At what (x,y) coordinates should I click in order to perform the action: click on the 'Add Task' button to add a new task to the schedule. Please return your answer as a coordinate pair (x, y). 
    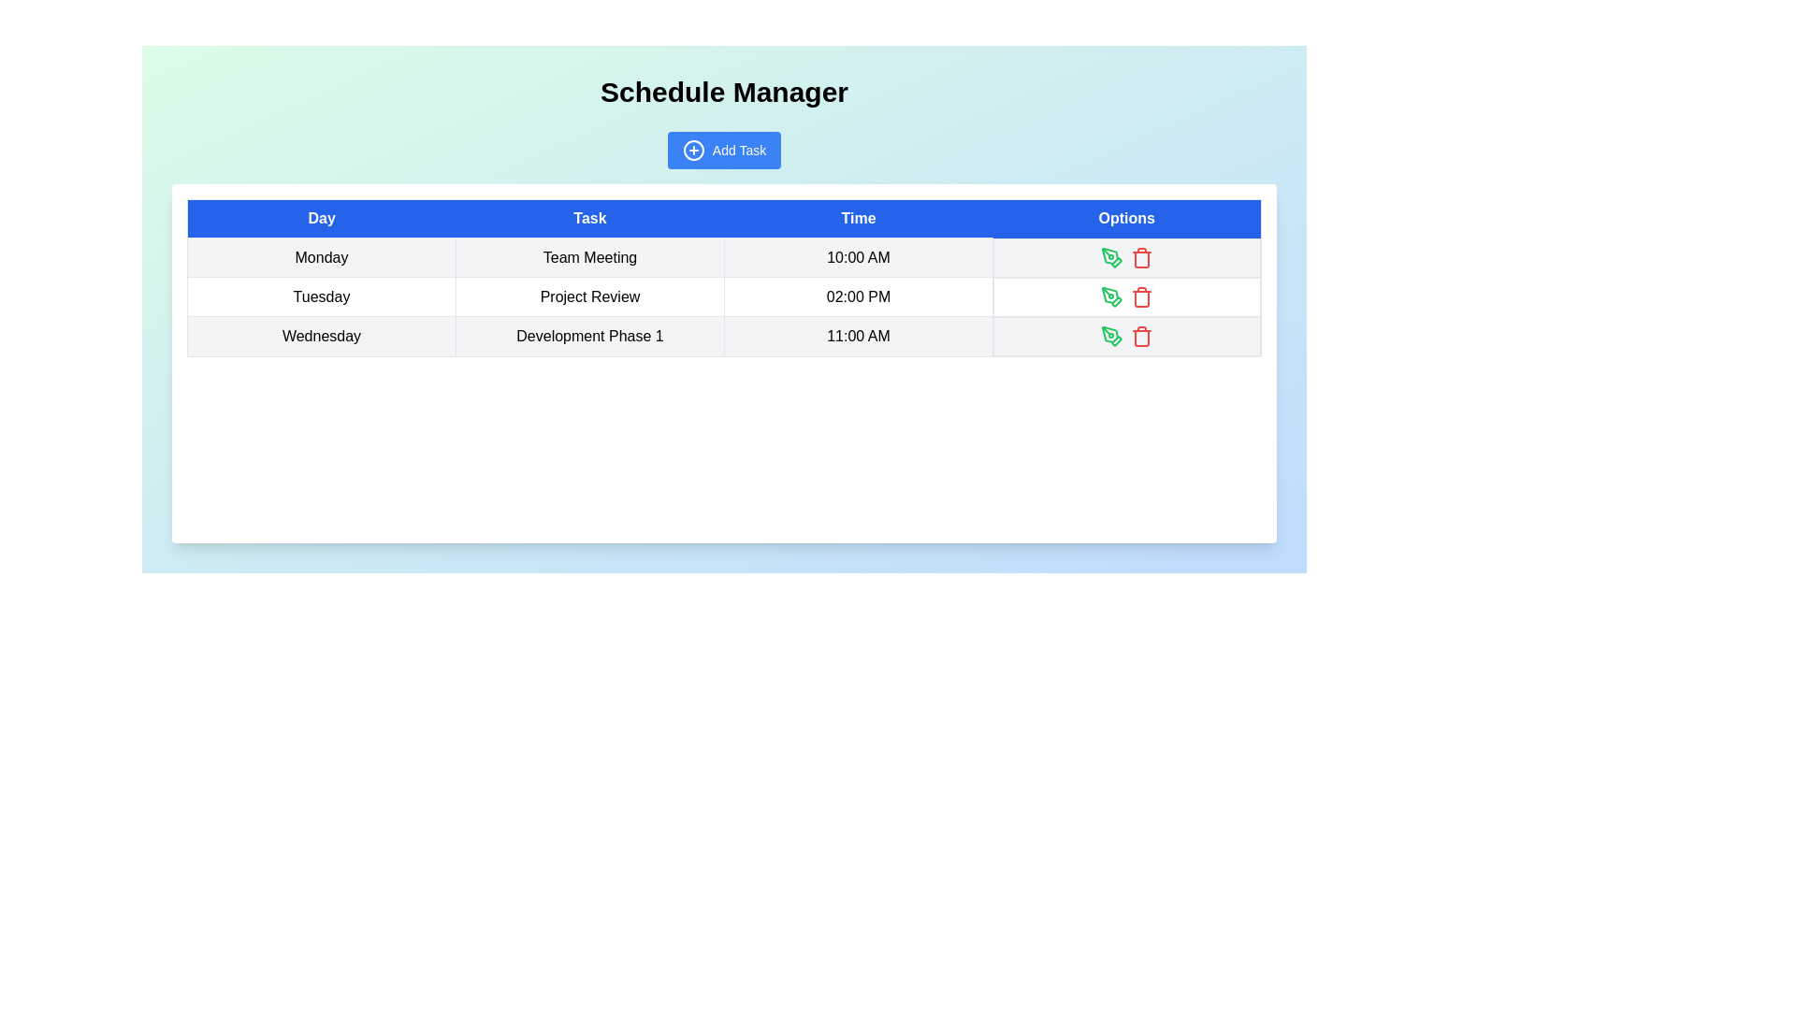
    Looking at the image, I should click on (723, 150).